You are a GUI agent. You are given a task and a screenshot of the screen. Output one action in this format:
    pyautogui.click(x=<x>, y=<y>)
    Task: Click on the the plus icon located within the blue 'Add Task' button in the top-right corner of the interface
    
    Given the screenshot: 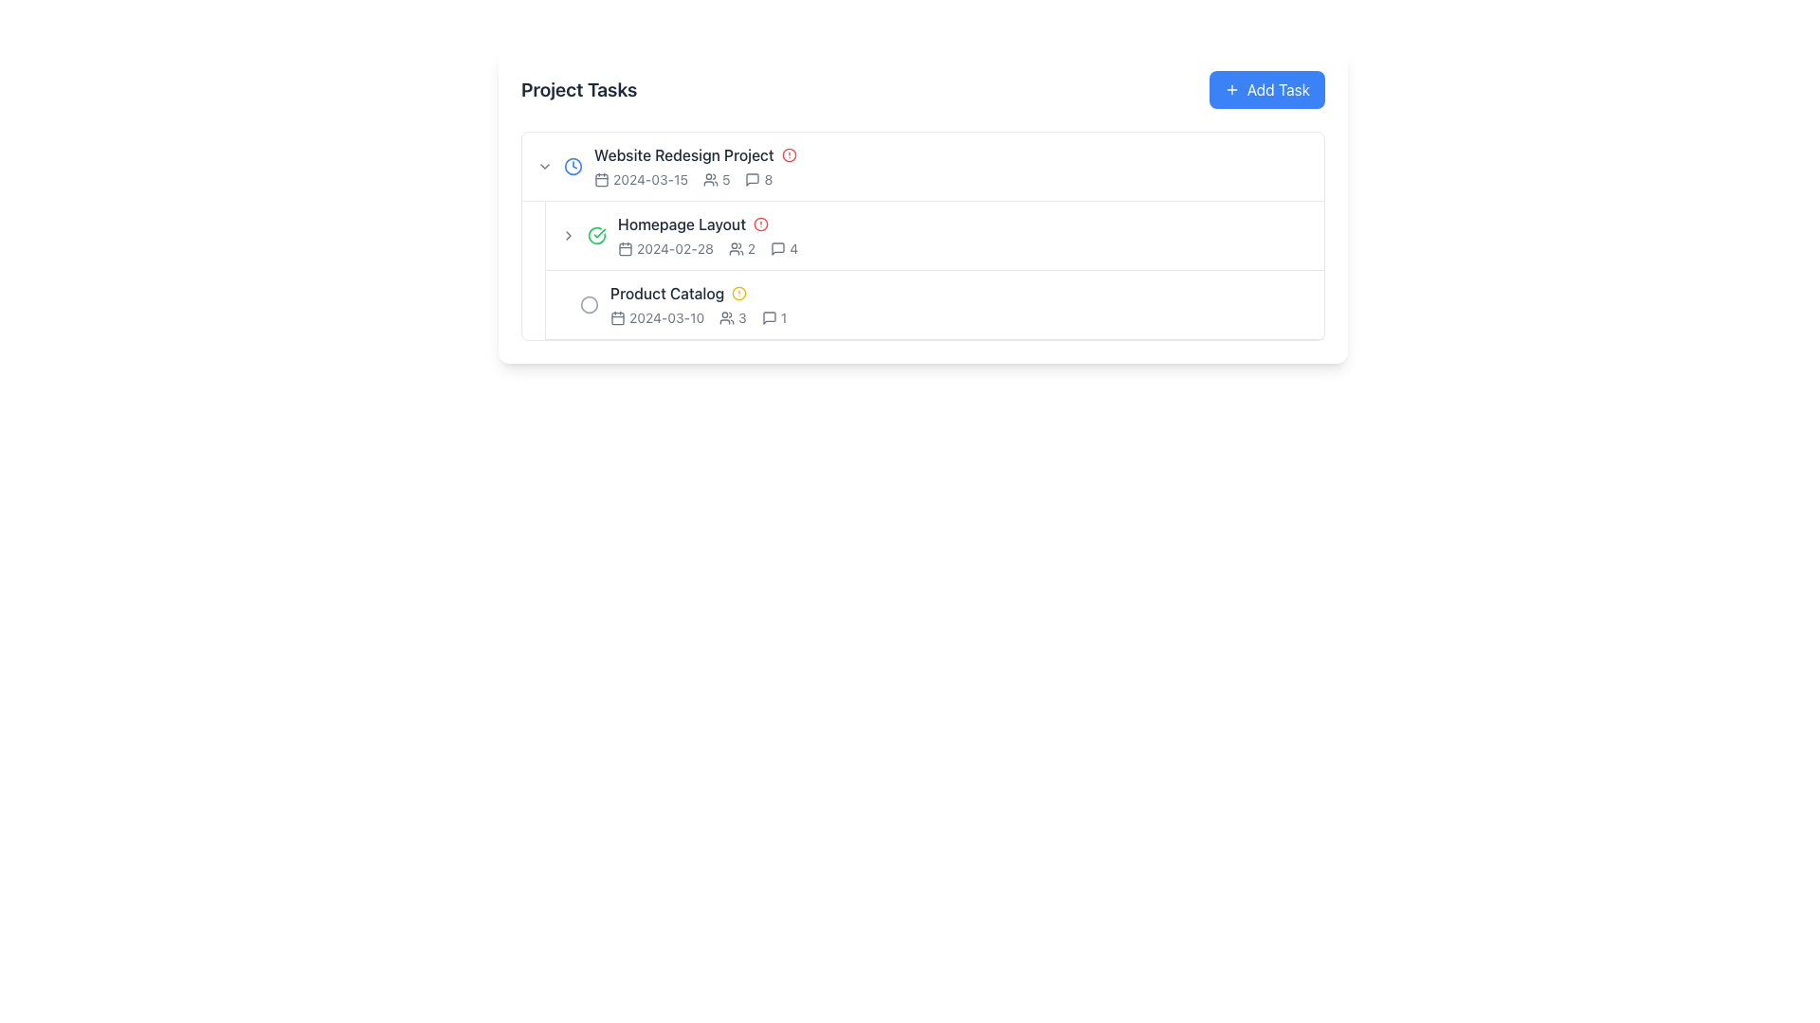 What is the action you would take?
    pyautogui.click(x=1231, y=90)
    